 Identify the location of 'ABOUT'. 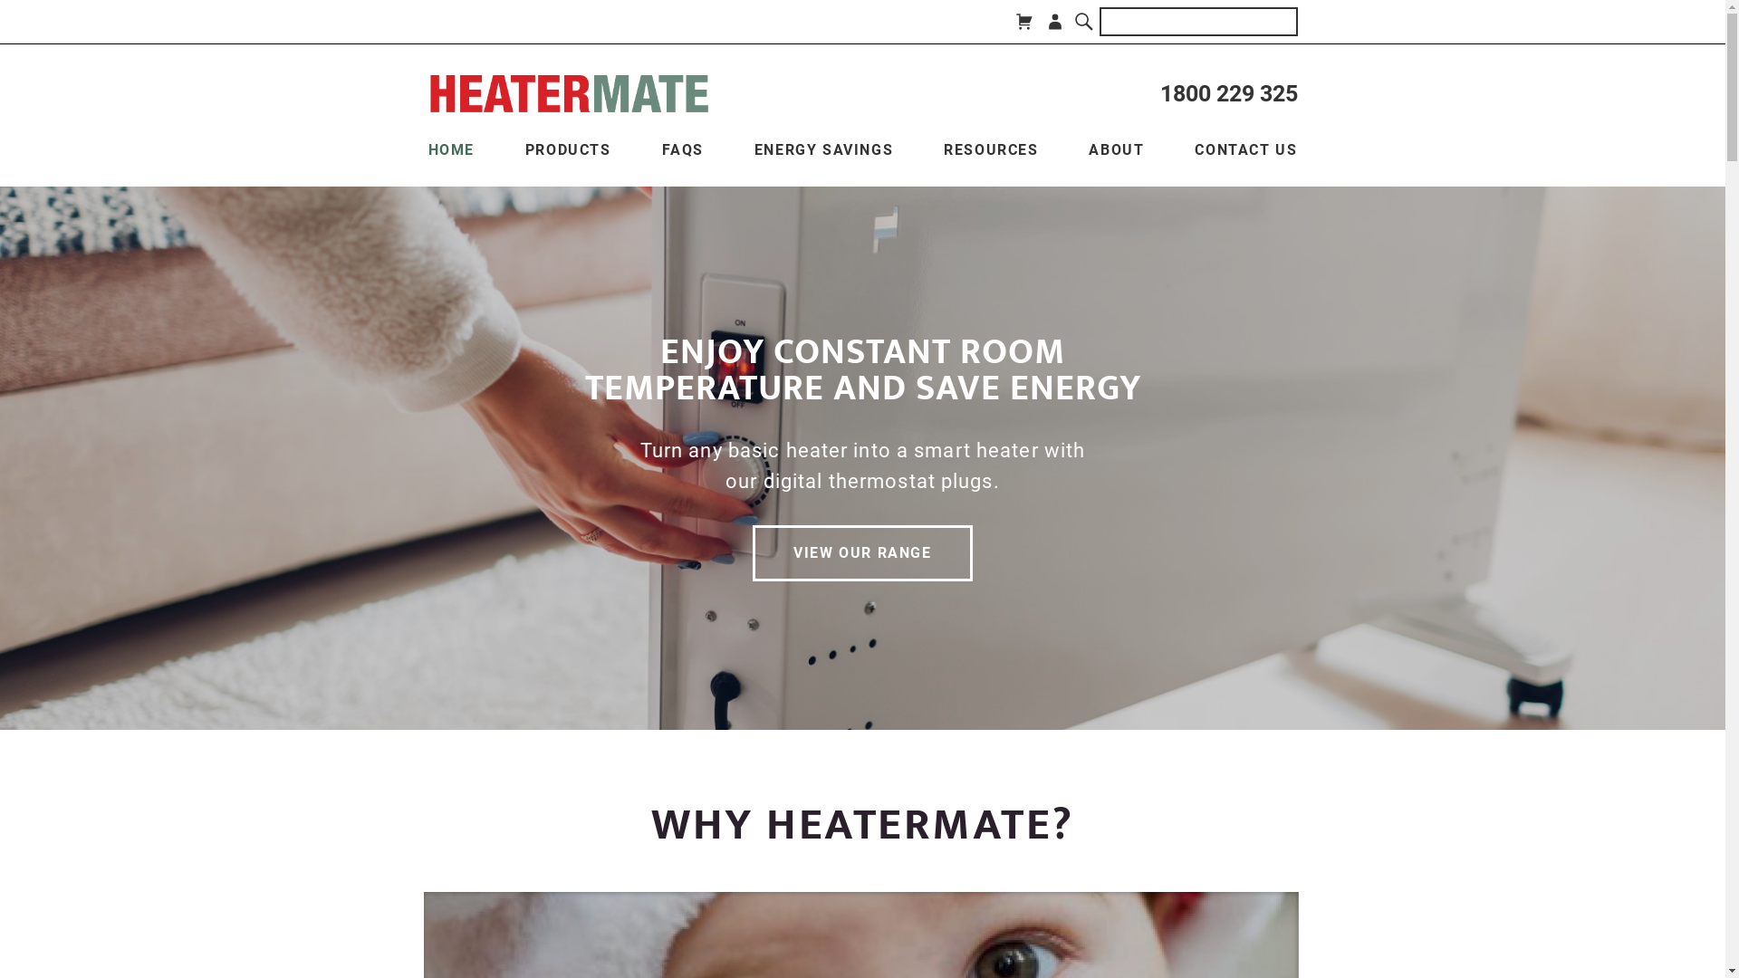
(1115, 149).